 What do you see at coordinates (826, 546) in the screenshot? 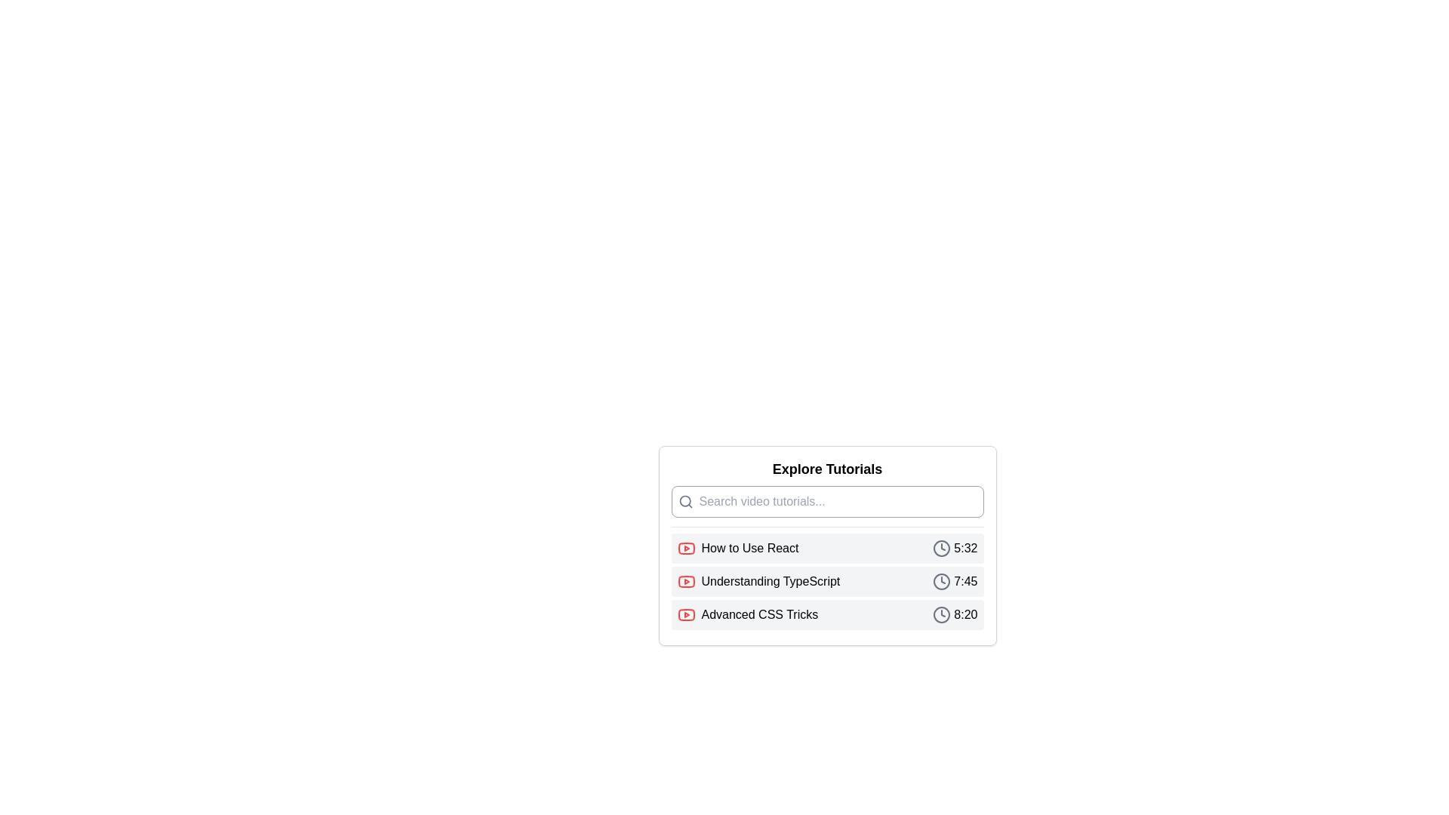
I see `the first clickable list item displaying video tutorials` at bounding box center [826, 546].